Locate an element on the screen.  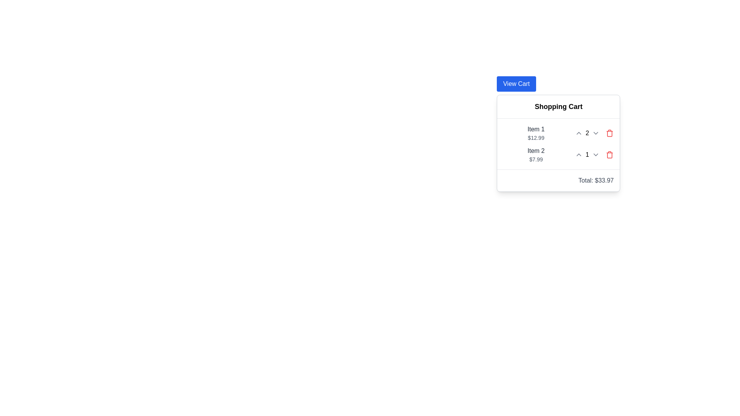
the increase quantity button for 'Item 2' in the shopping cart is located at coordinates (579, 154).